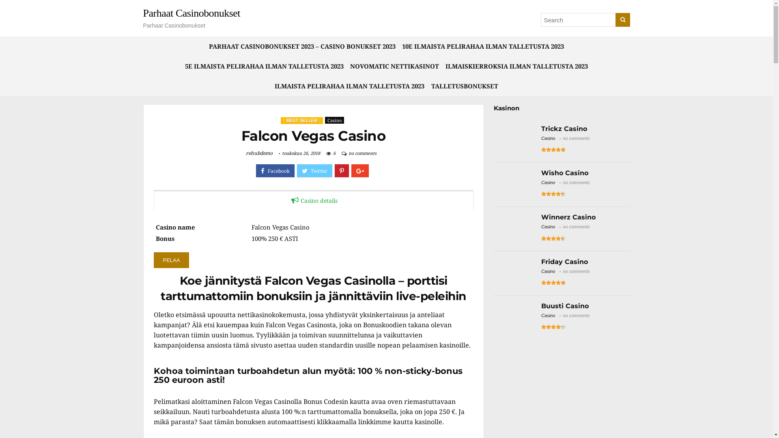  What do you see at coordinates (564, 128) in the screenshot?
I see `'Trickz Casino'` at bounding box center [564, 128].